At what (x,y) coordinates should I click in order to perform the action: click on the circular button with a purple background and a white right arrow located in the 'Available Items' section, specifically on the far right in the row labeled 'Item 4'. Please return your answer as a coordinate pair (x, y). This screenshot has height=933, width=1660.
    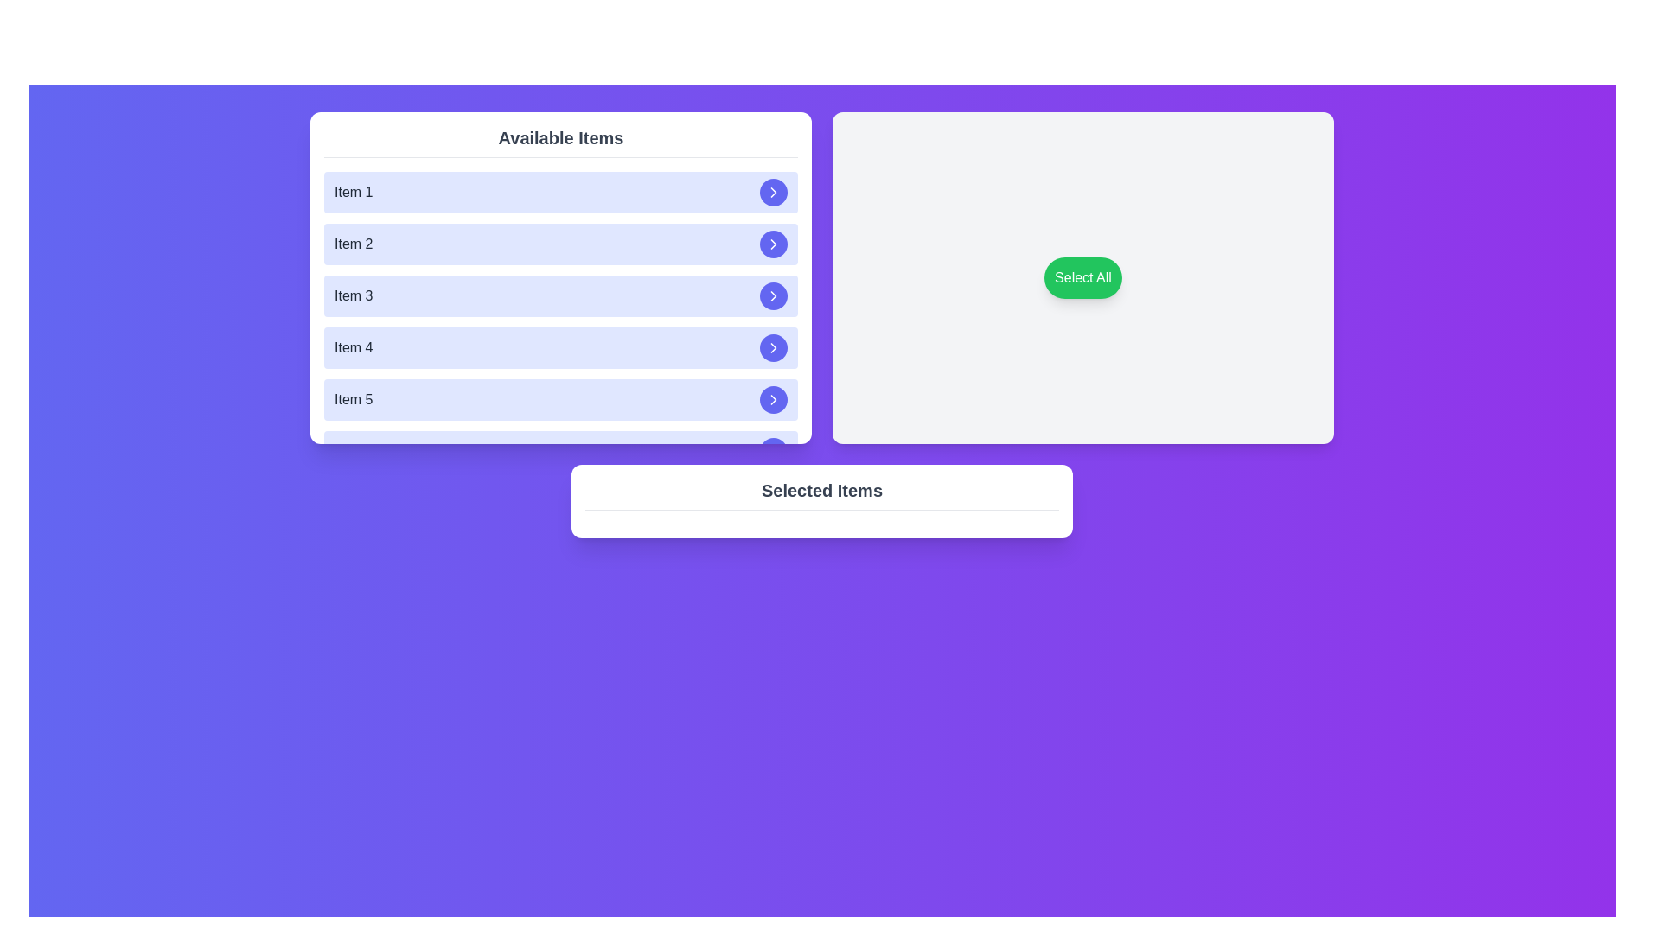
    Looking at the image, I should click on (772, 347).